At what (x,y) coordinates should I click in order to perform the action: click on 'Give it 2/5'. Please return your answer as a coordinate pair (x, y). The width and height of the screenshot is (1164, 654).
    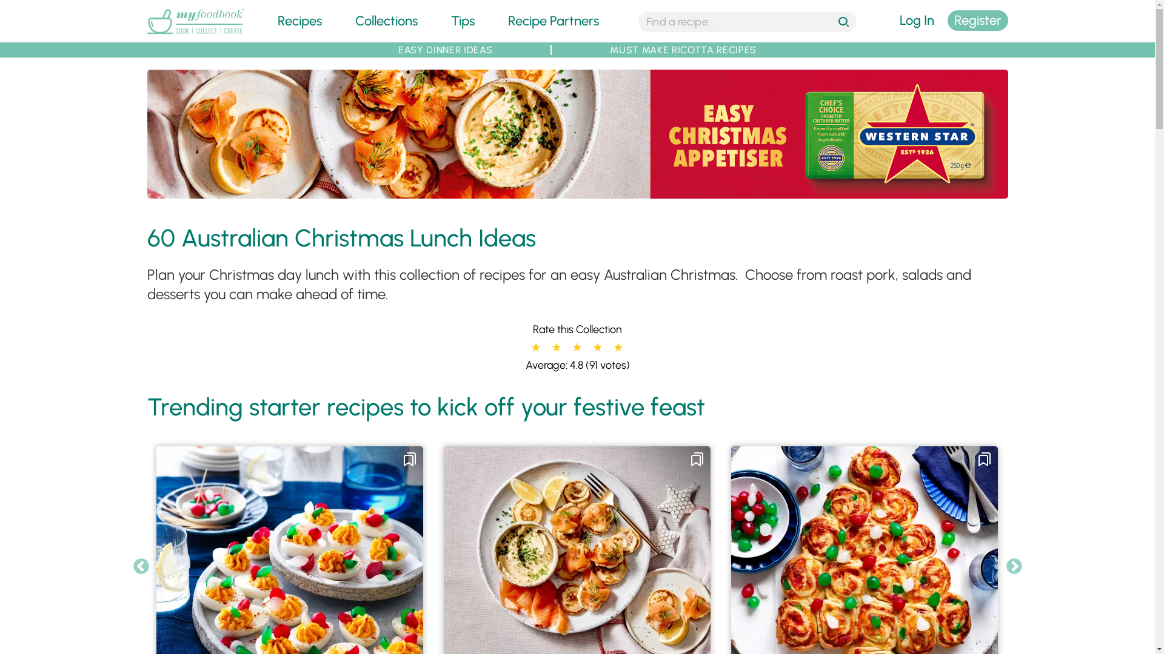
    Looking at the image, I should click on (555, 348).